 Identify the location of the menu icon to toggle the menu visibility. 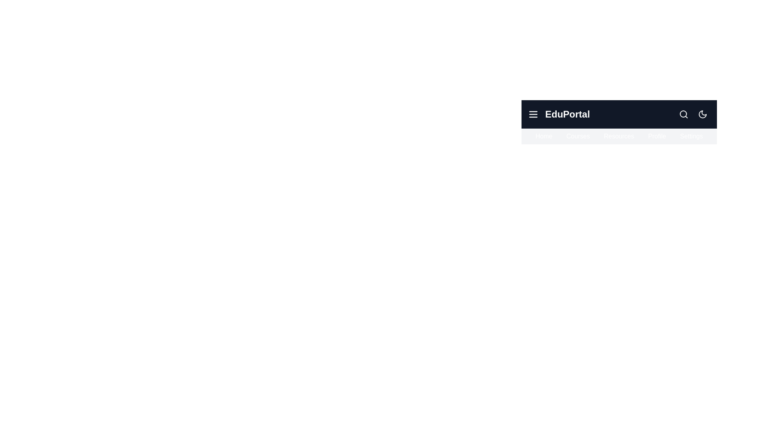
(533, 114).